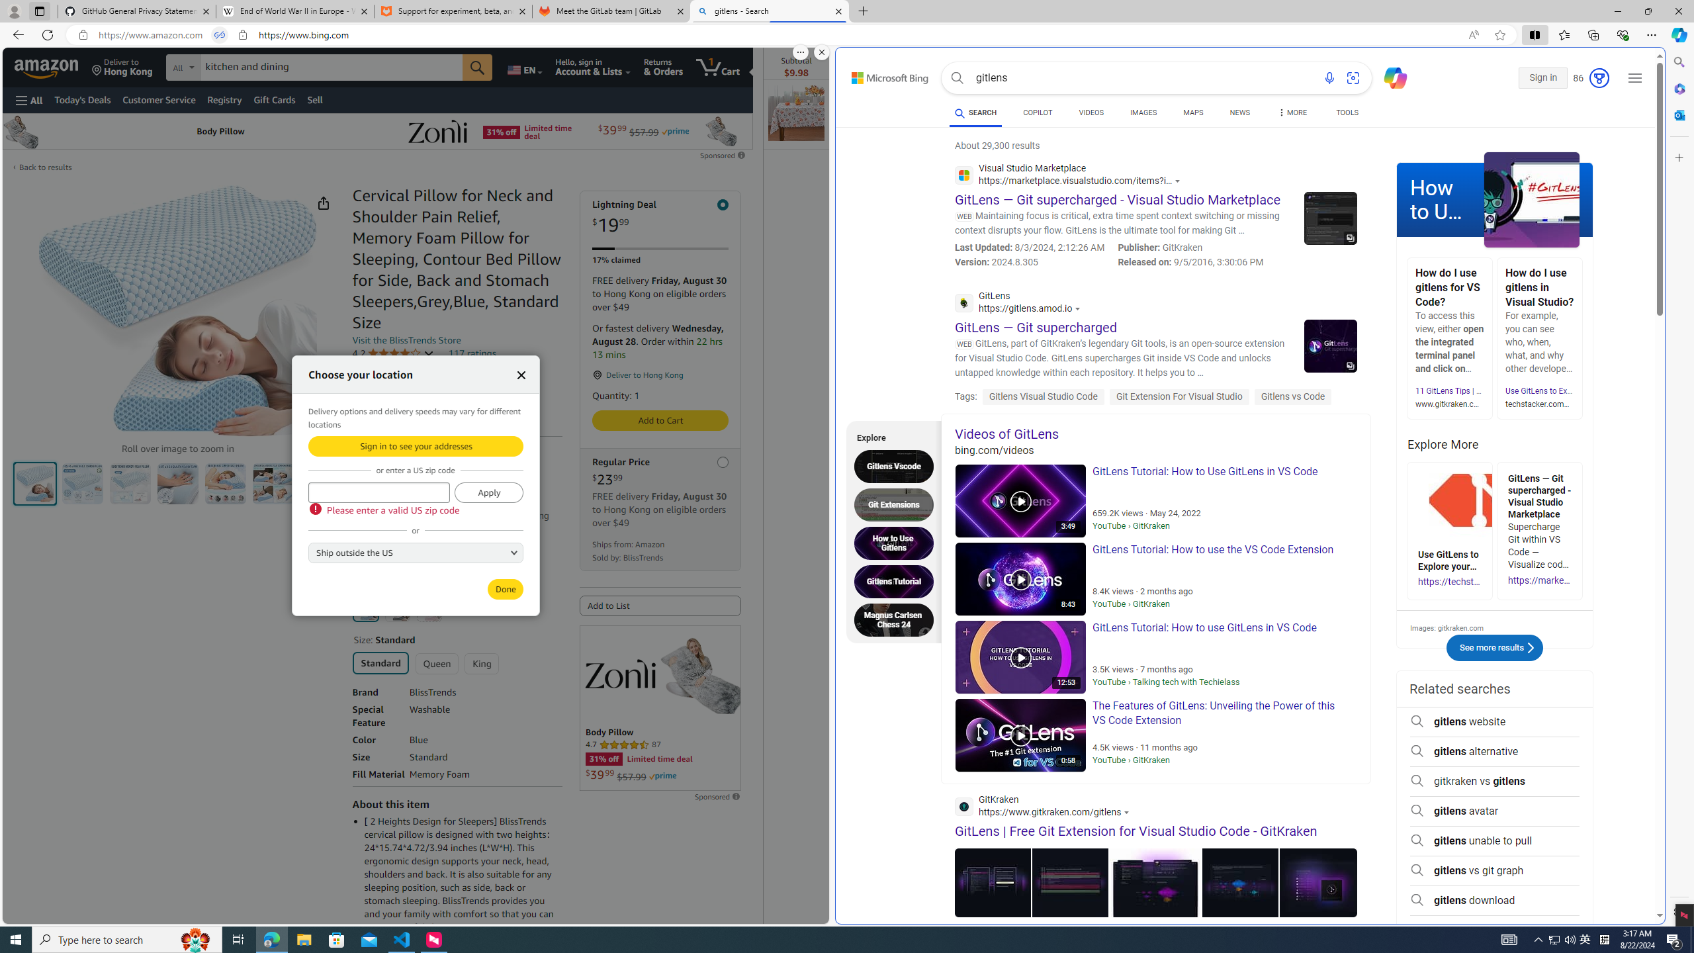 Image resolution: width=1694 pixels, height=953 pixels. Describe the element at coordinates (1513, 390) in the screenshot. I see `'11 GitLens Tips | Learn How to Use GitLens in VS Code -'` at that location.